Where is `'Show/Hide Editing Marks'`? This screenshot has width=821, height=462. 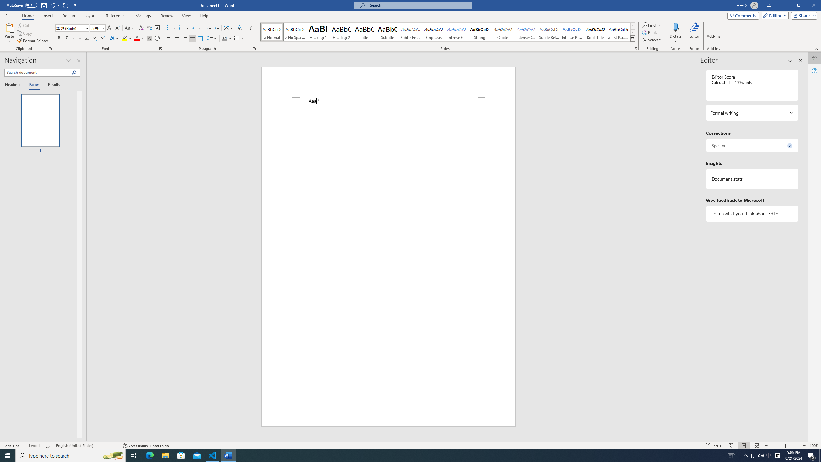
'Show/Hide Editing Marks' is located at coordinates (251, 28).